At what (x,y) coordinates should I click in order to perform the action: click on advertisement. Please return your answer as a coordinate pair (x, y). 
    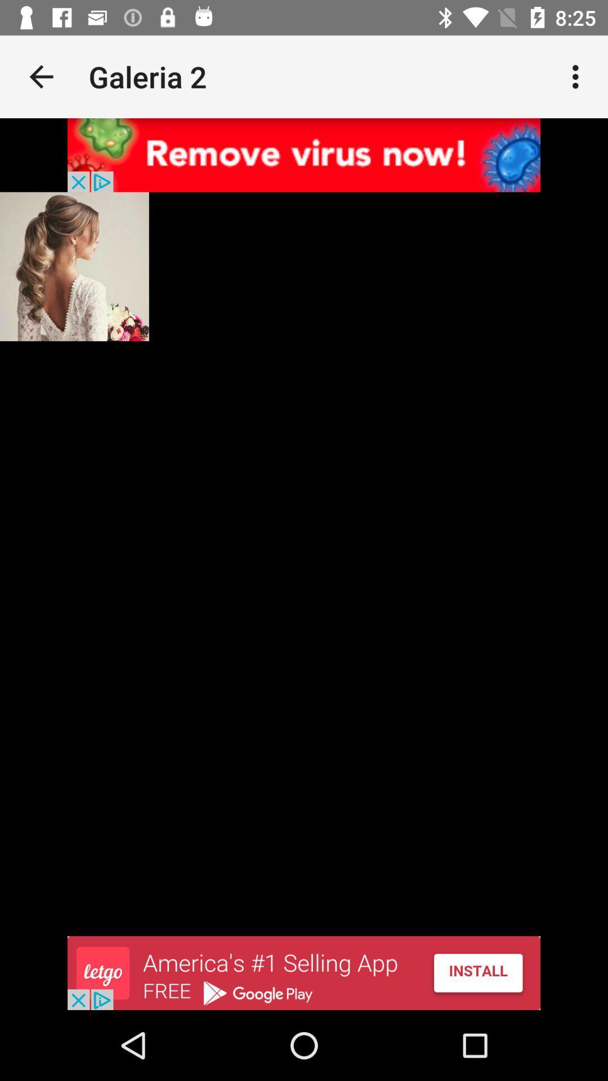
    Looking at the image, I should click on (304, 972).